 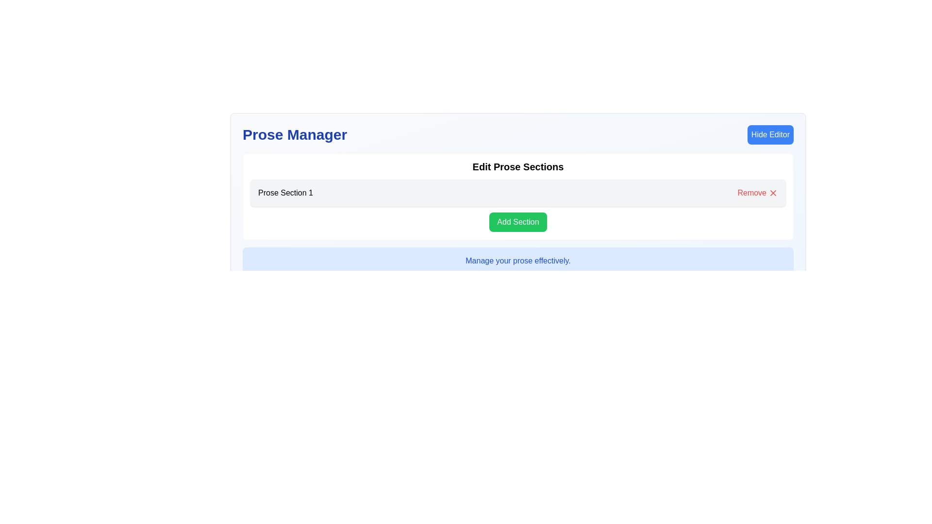 I want to click on the green button labeled 'Add Section' to change its color to a darker green, so click(x=517, y=222).